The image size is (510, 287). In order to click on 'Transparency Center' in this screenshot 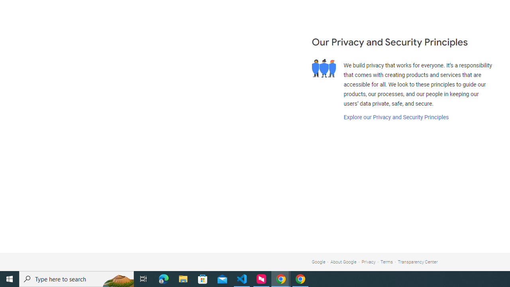, I will do `click(417, 262)`.